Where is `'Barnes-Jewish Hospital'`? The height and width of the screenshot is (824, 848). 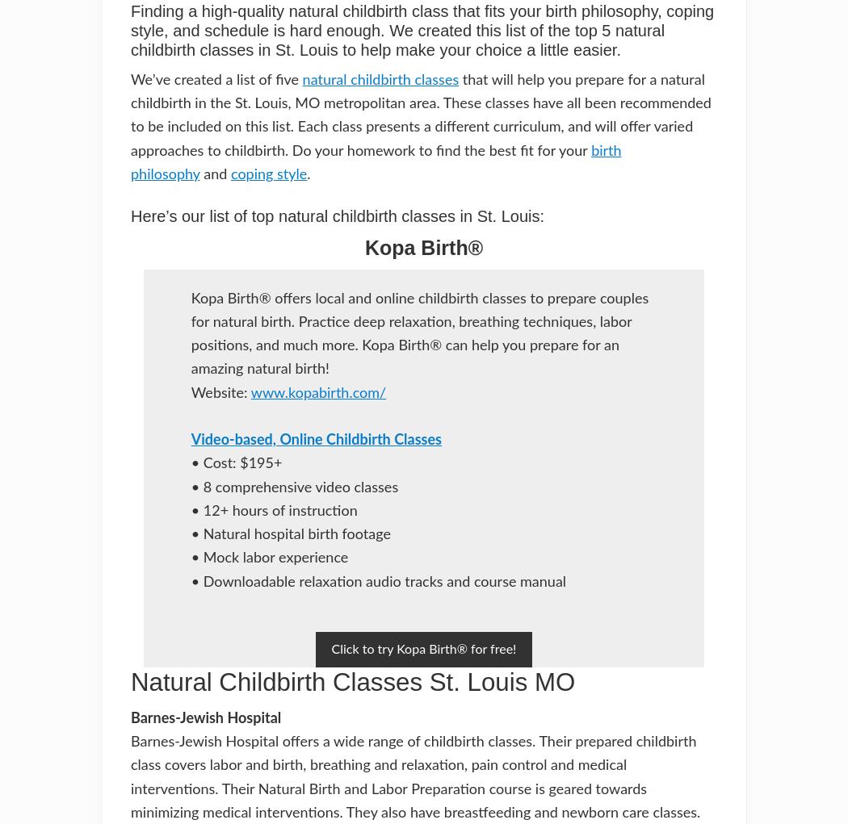 'Barnes-Jewish Hospital' is located at coordinates (206, 717).